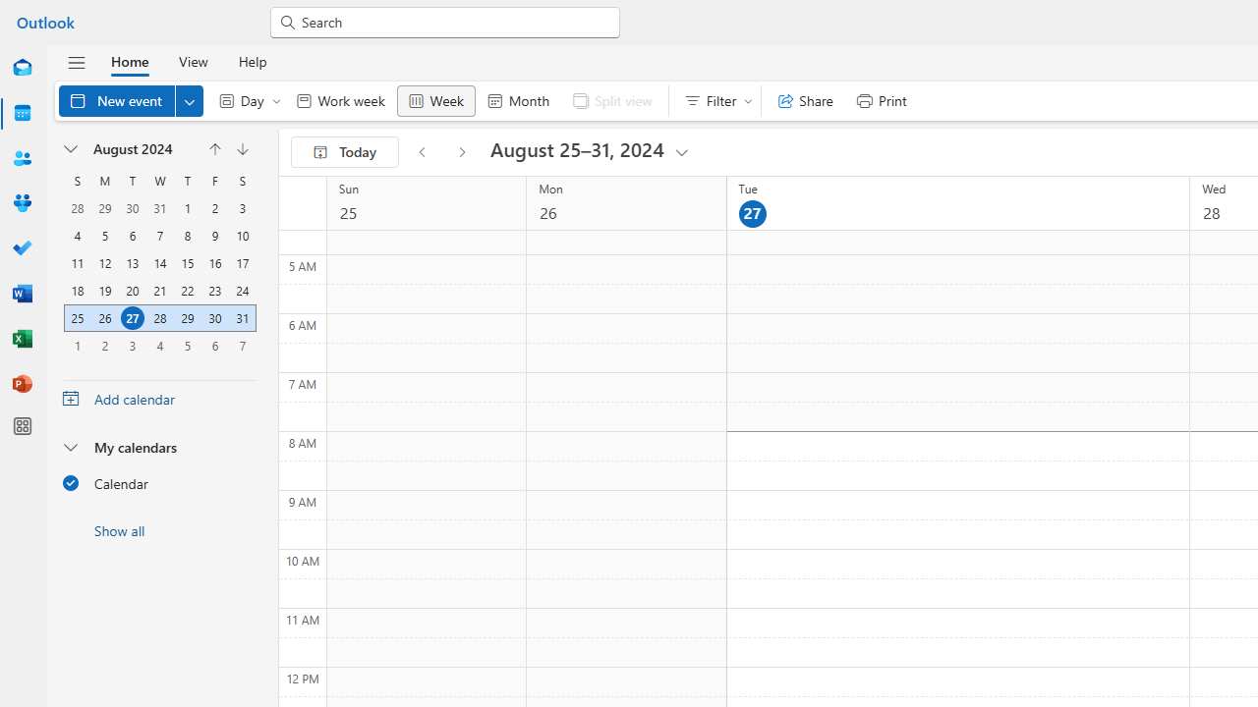  What do you see at coordinates (132, 291) in the screenshot?
I see `'20, August, 2024'` at bounding box center [132, 291].